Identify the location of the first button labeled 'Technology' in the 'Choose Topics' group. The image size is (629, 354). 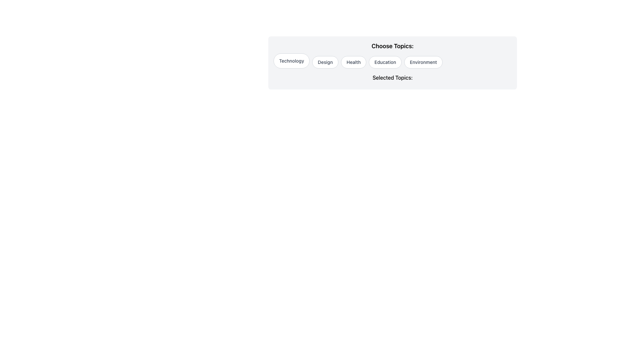
(291, 61).